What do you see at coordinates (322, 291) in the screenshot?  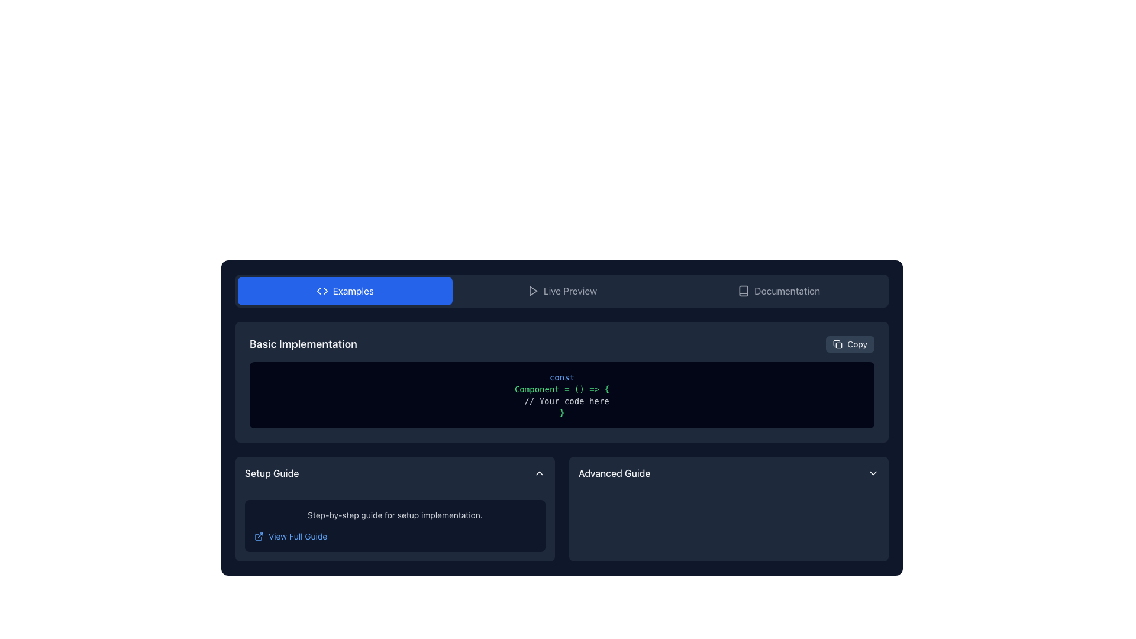 I see `the SVG graphical icon located within the 'Examples' button, which indicates programming-related content` at bounding box center [322, 291].